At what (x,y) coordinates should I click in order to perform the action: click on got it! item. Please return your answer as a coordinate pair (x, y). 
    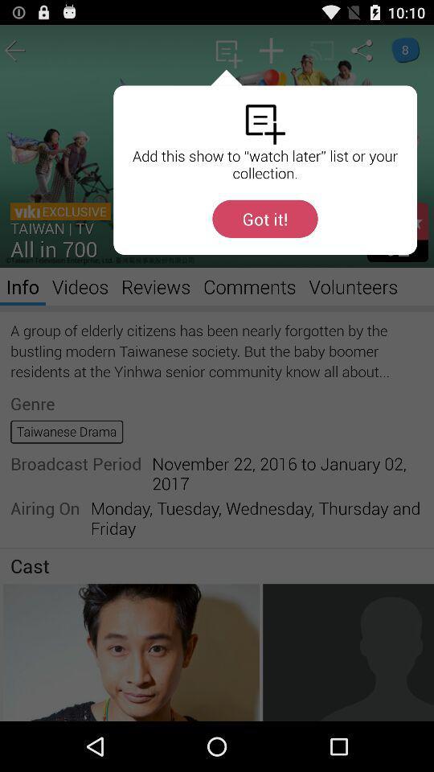
    Looking at the image, I should click on (264, 218).